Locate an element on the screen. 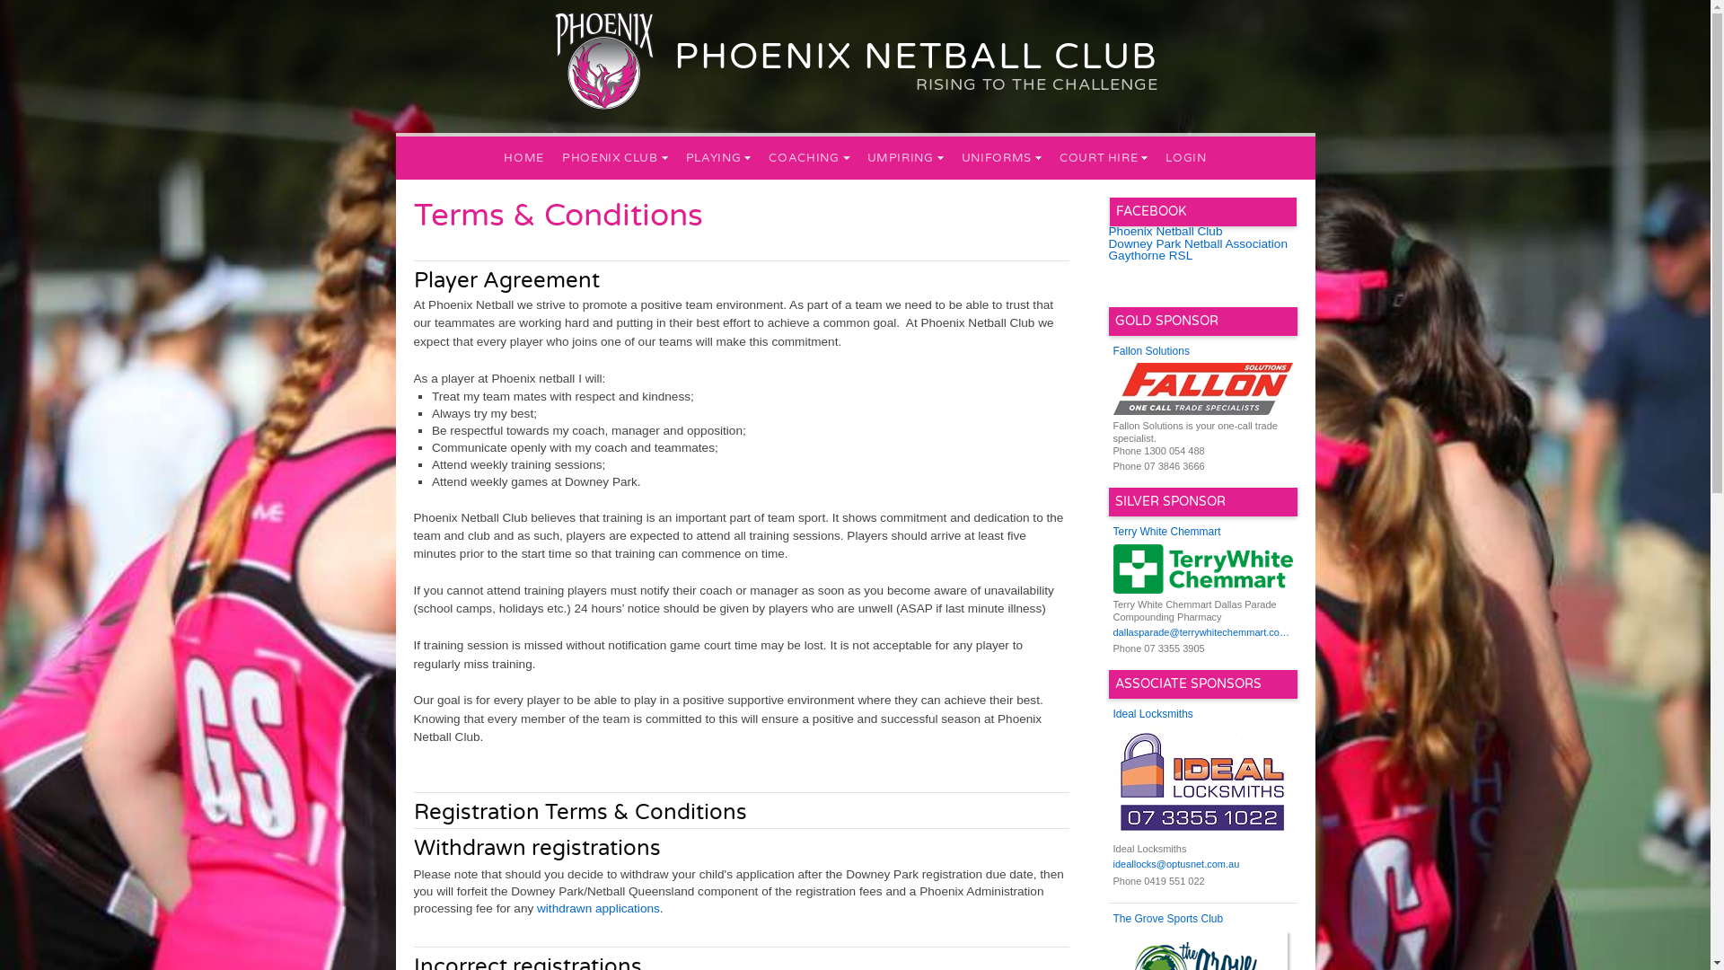  'PHOENIX CLUB' is located at coordinates (551, 157).